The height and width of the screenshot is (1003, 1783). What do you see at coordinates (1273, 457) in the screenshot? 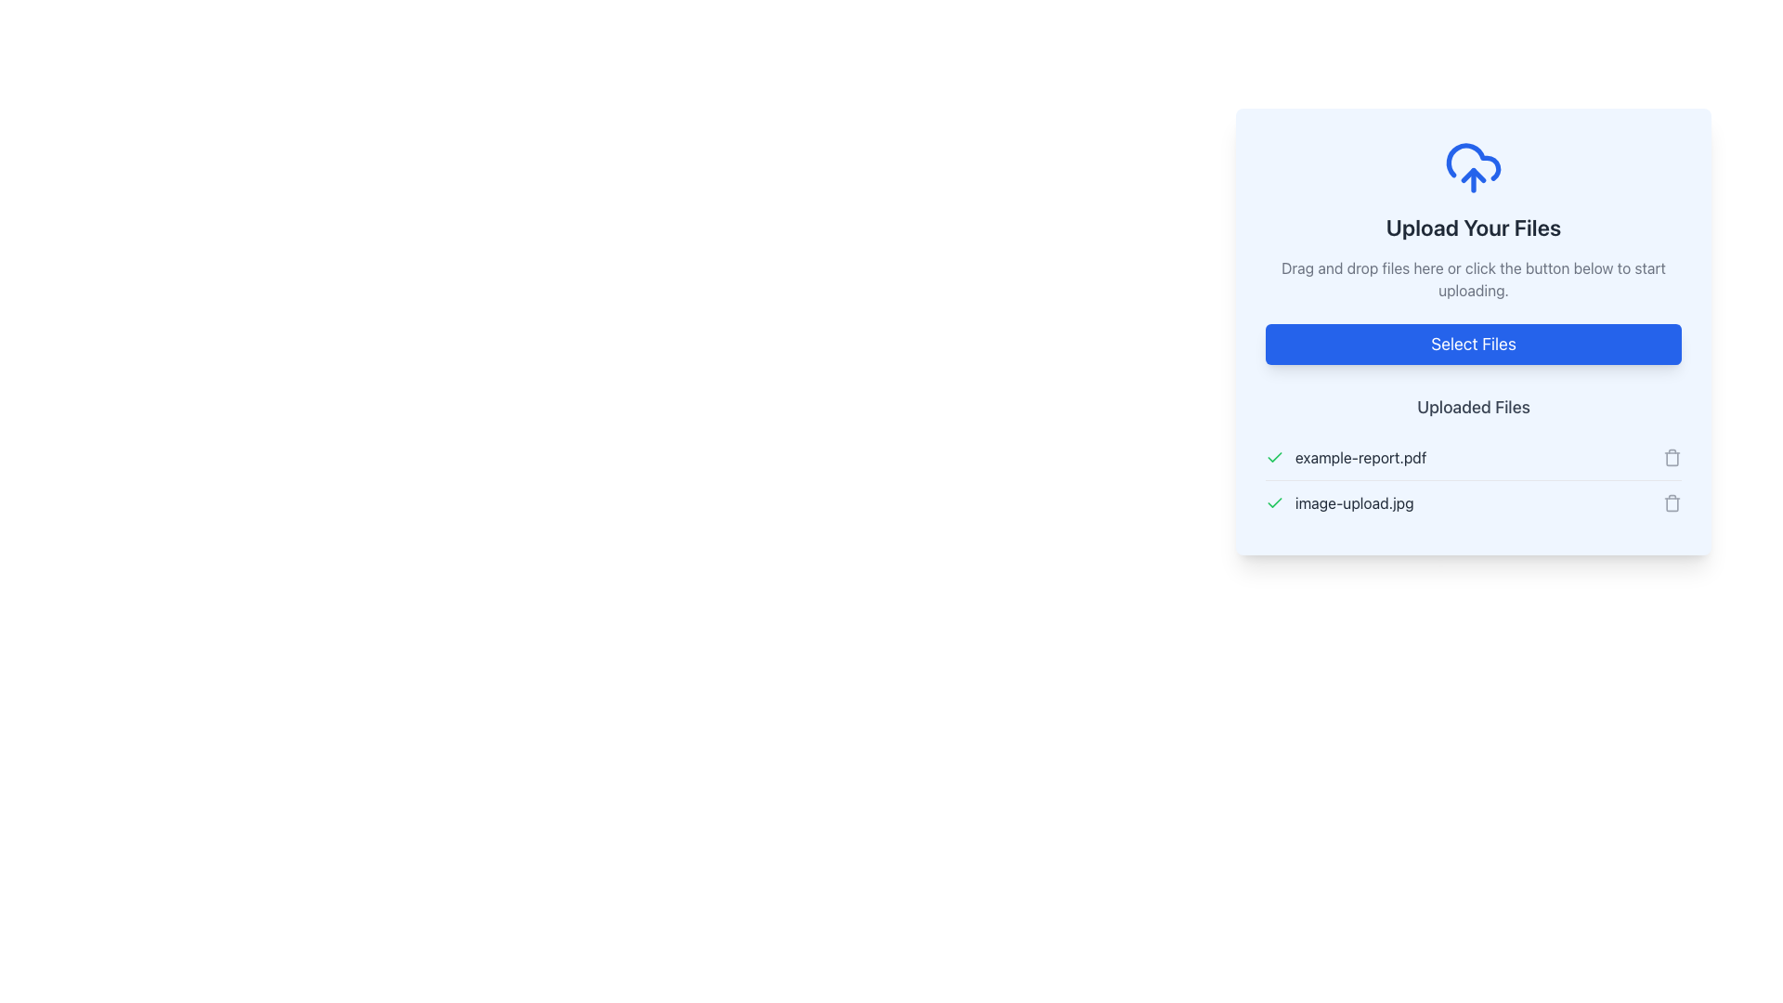
I see `the green checkmark symbol indicating success, located beside the 'image-upload.jpg' label in the 'Uploaded Files' section` at bounding box center [1273, 457].